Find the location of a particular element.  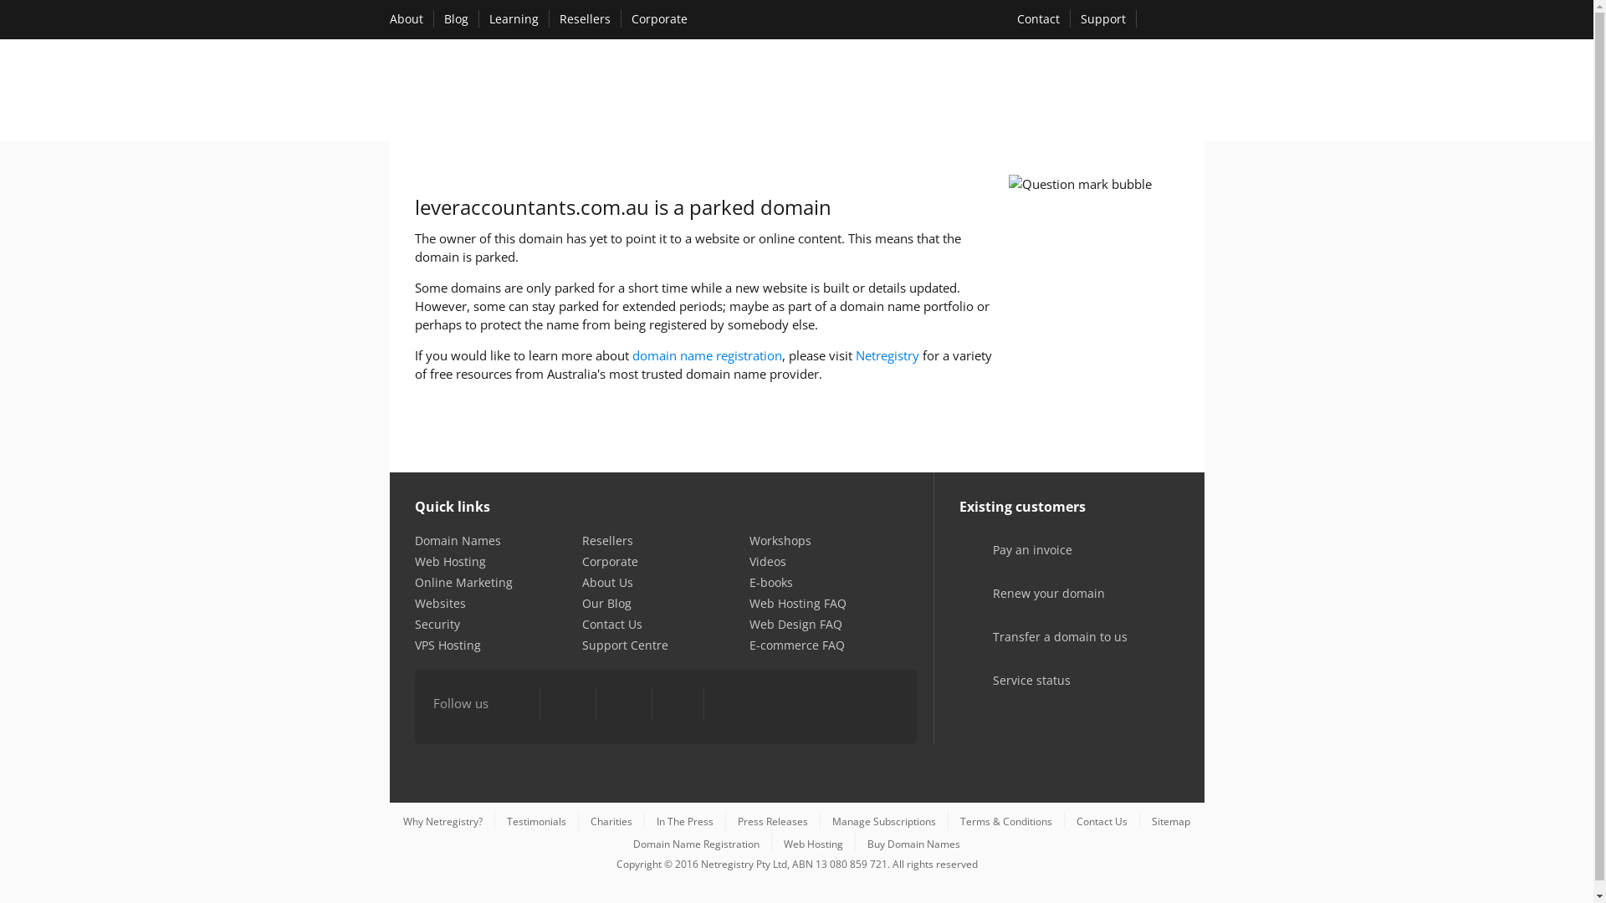

'Blog RSS' is located at coordinates (730, 705).